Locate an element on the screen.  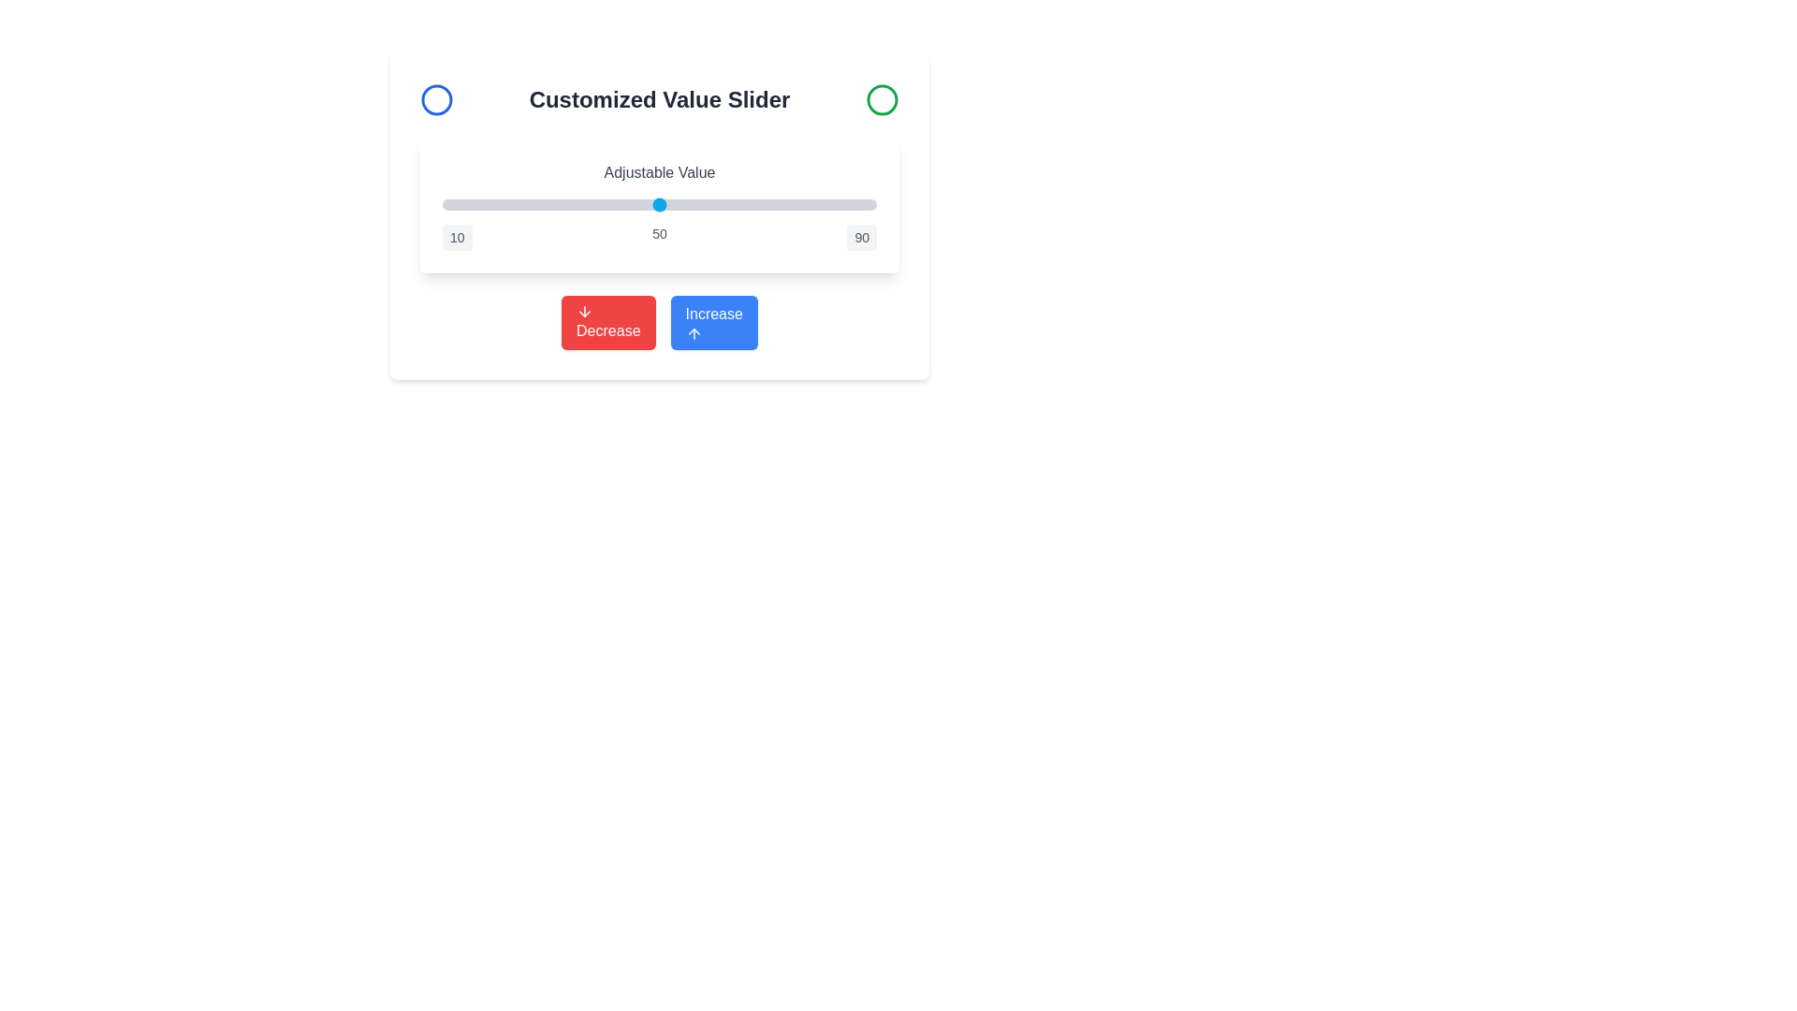
the slider's value is located at coordinates (729, 205).